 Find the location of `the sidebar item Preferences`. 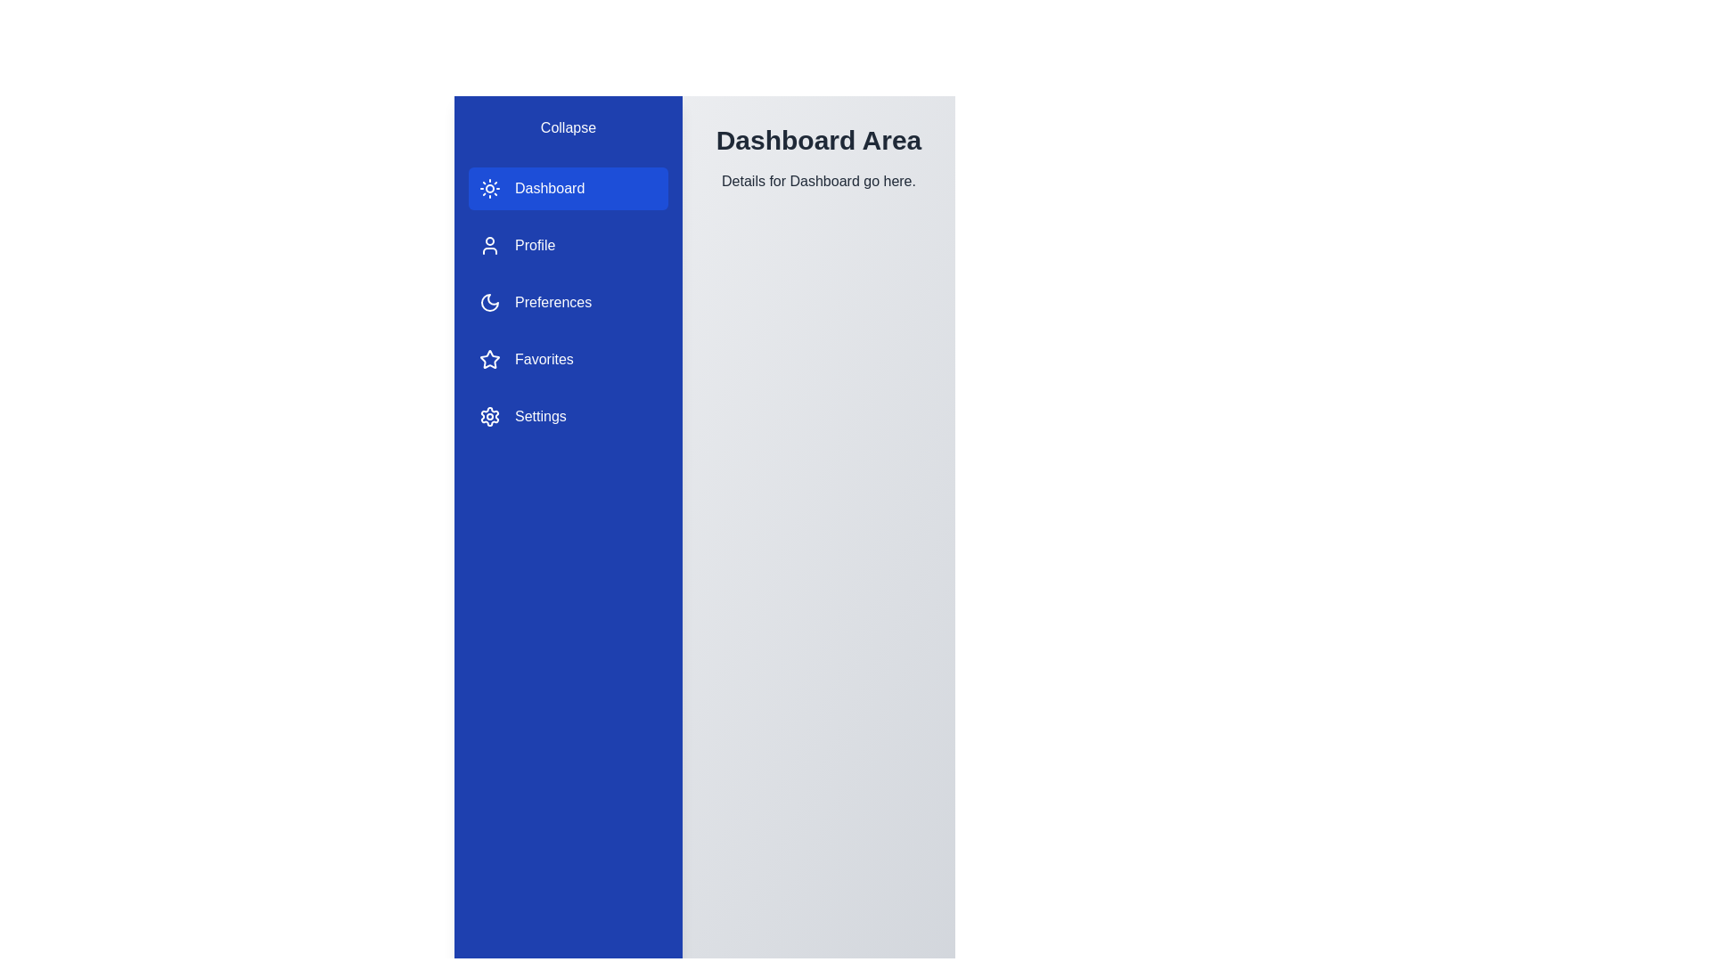

the sidebar item Preferences is located at coordinates (568, 301).